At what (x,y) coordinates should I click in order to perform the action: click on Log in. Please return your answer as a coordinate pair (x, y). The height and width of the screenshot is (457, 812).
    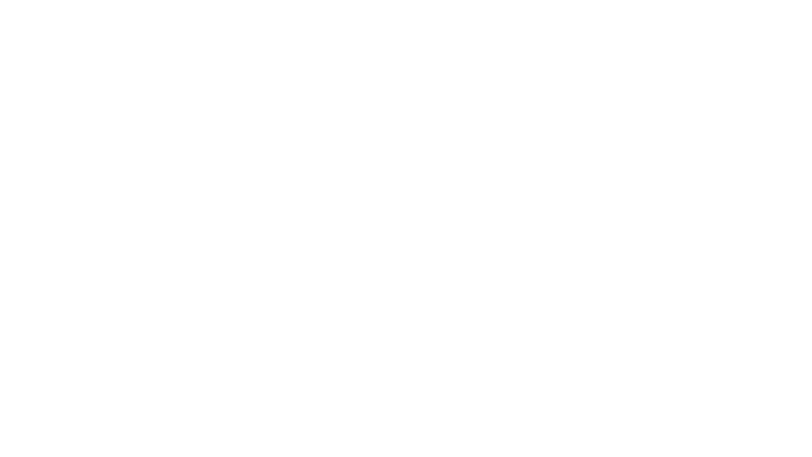
    Looking at the image, I should click on (309, 134).